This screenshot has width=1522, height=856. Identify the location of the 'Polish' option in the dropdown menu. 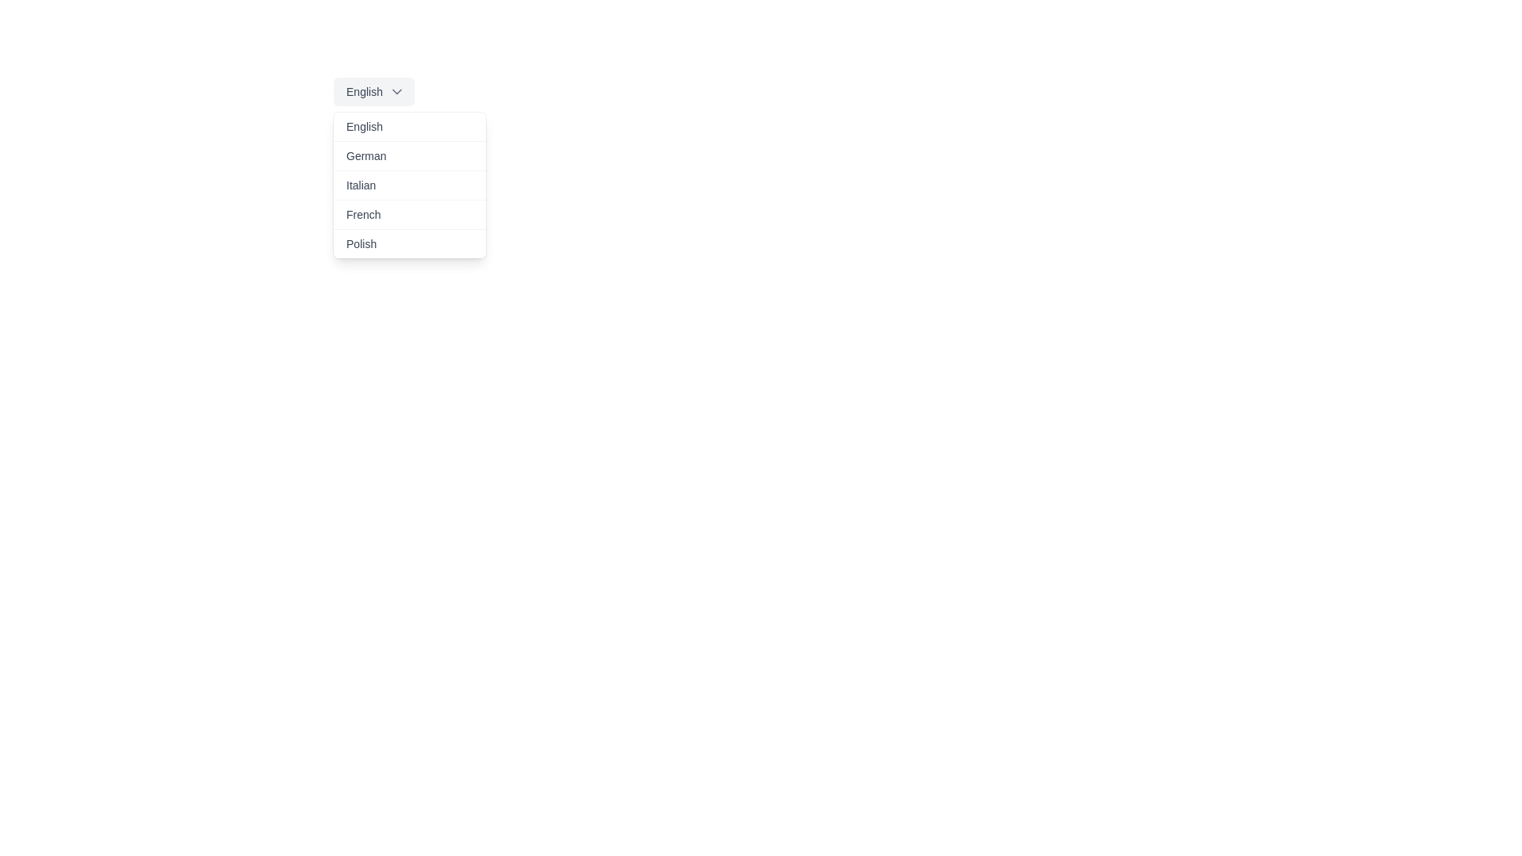
(410, 243).